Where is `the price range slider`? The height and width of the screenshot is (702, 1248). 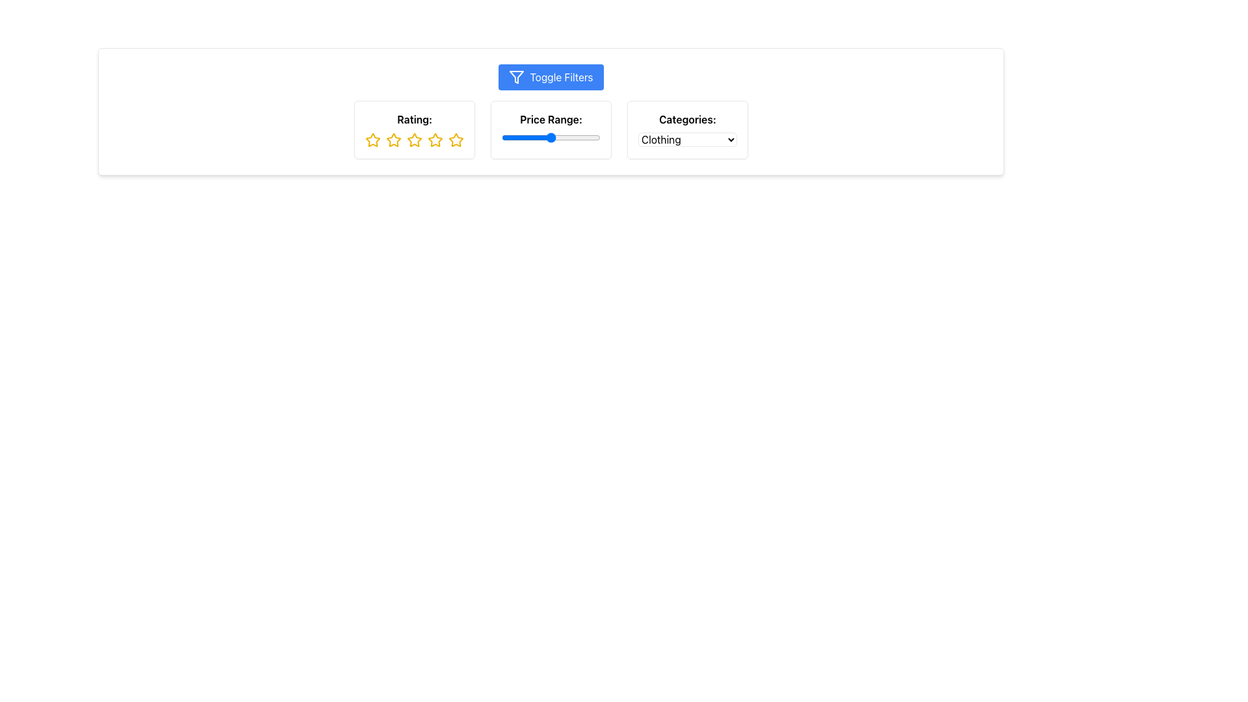 the price range slider is located at coordinates (559, 138).